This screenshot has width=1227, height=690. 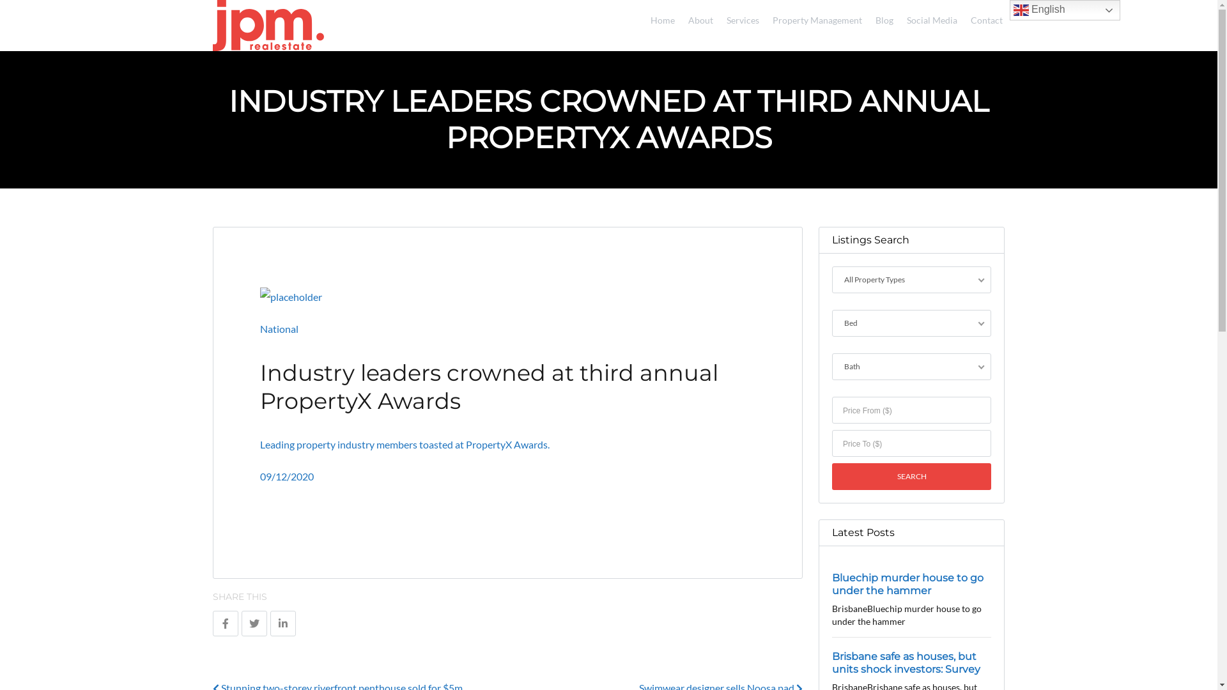 I want to click on 'Bluechip murder house to go under the hammer', so click(x=907, y=584).